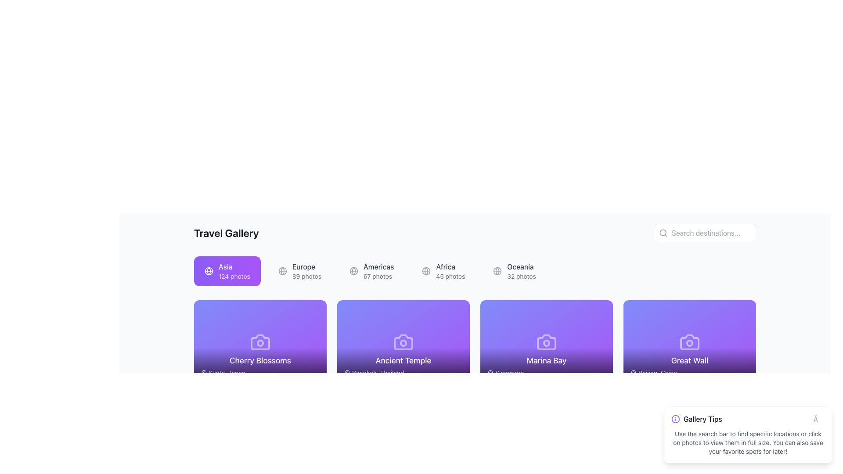 The height and width of the screenshot is (474, 843). I want to click on the circular gray globe icon representing the Africa category, located at the top of the card labeled 'Africa 45 photos', to view it as a visual decoration, so click(426, 270).